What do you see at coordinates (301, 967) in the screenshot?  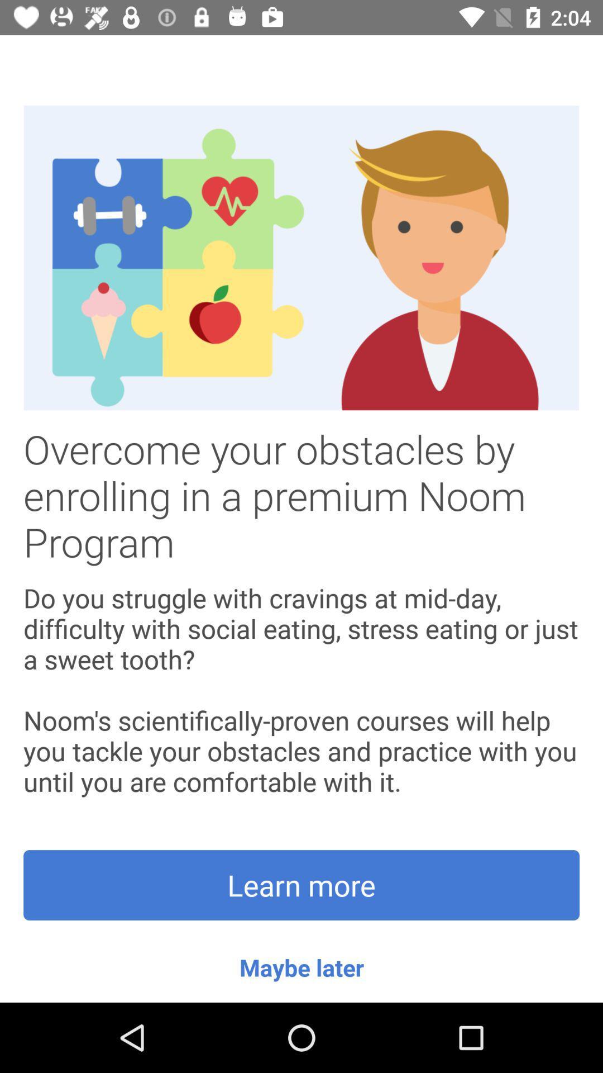 I see `maybe later icon` at bounding box center [301, 967].